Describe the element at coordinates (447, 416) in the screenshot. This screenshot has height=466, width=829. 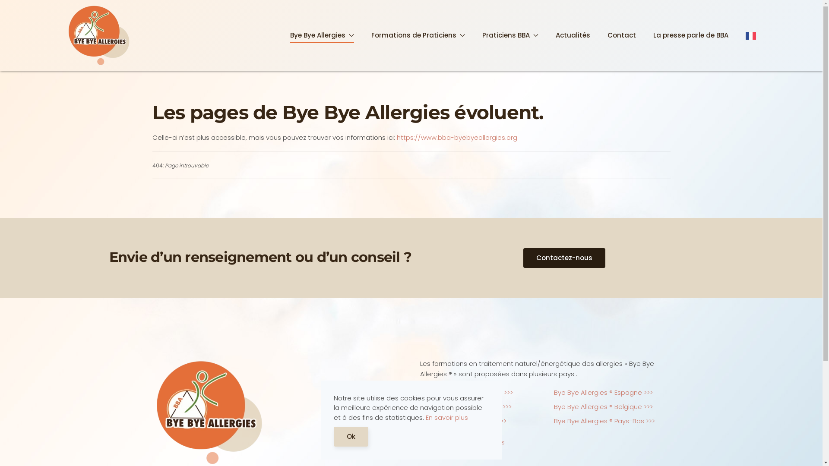
I see `'En savoir plus'` at that location.